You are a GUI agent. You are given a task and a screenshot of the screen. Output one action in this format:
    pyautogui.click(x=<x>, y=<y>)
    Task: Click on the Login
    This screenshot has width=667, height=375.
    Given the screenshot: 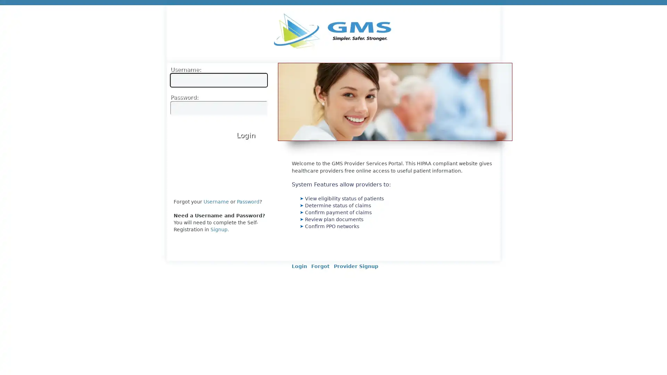 What is the action you would take?
    pyautogui.click(x=246, y=135)
    